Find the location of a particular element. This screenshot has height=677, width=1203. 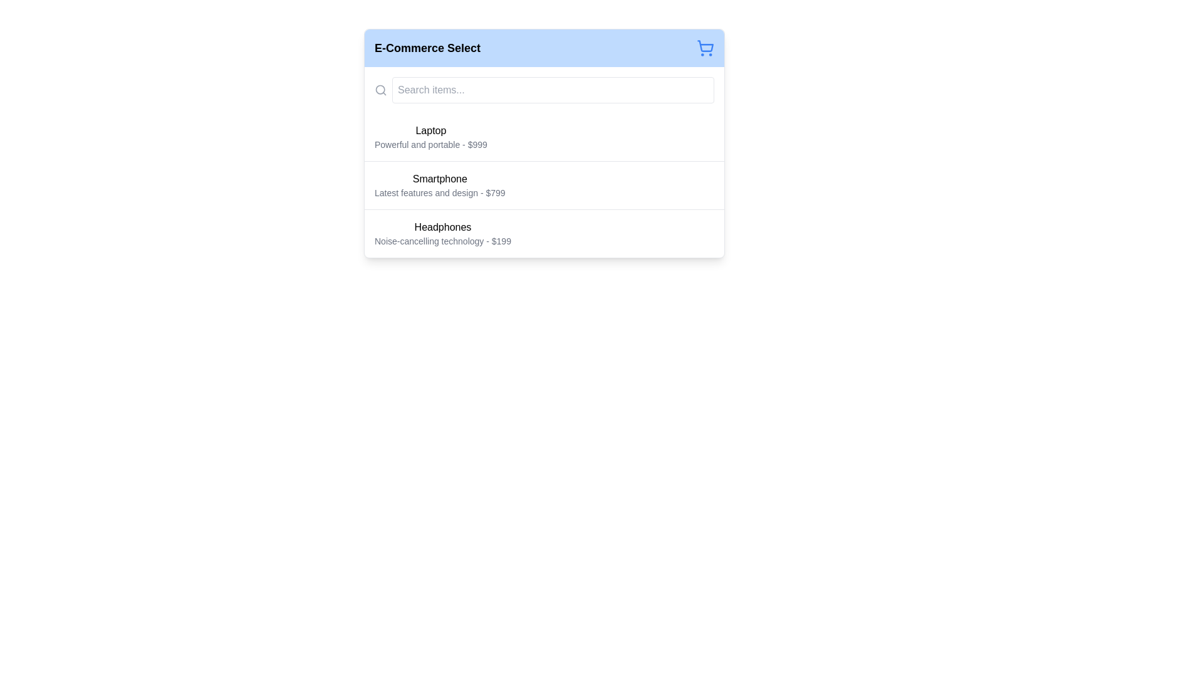

the topmost product list item displaying 'Laptop' is located at coordinates (430, 137).